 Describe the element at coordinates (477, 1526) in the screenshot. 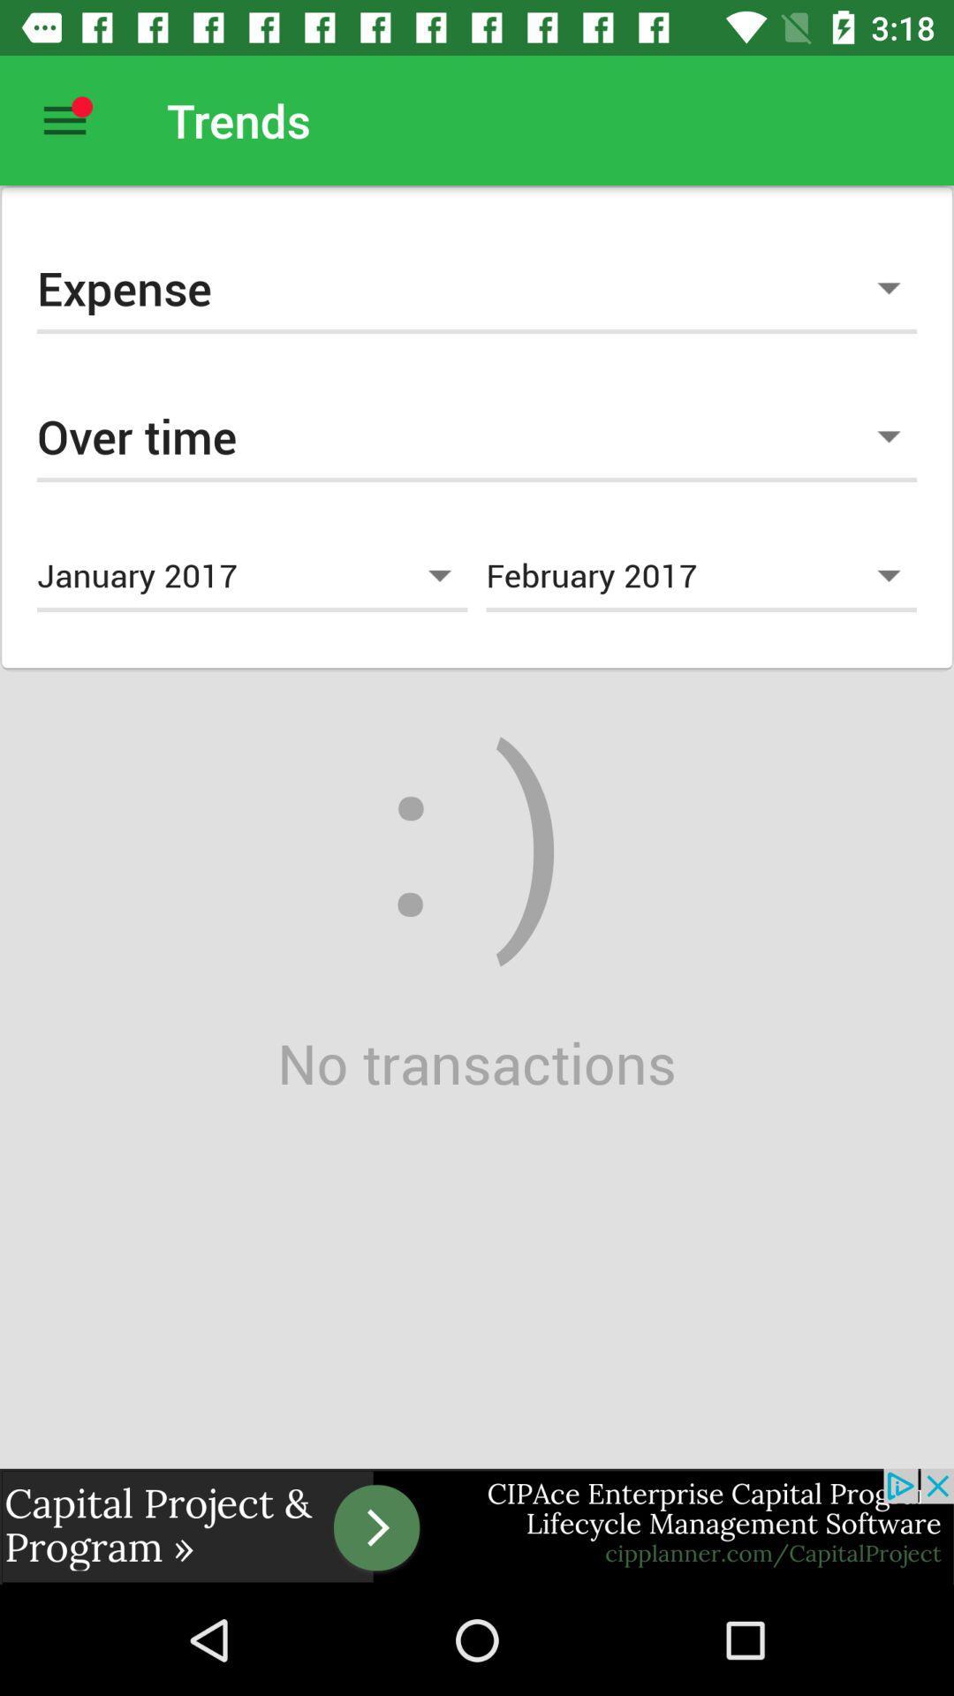

I see `capitalproject advertisement` at that location.